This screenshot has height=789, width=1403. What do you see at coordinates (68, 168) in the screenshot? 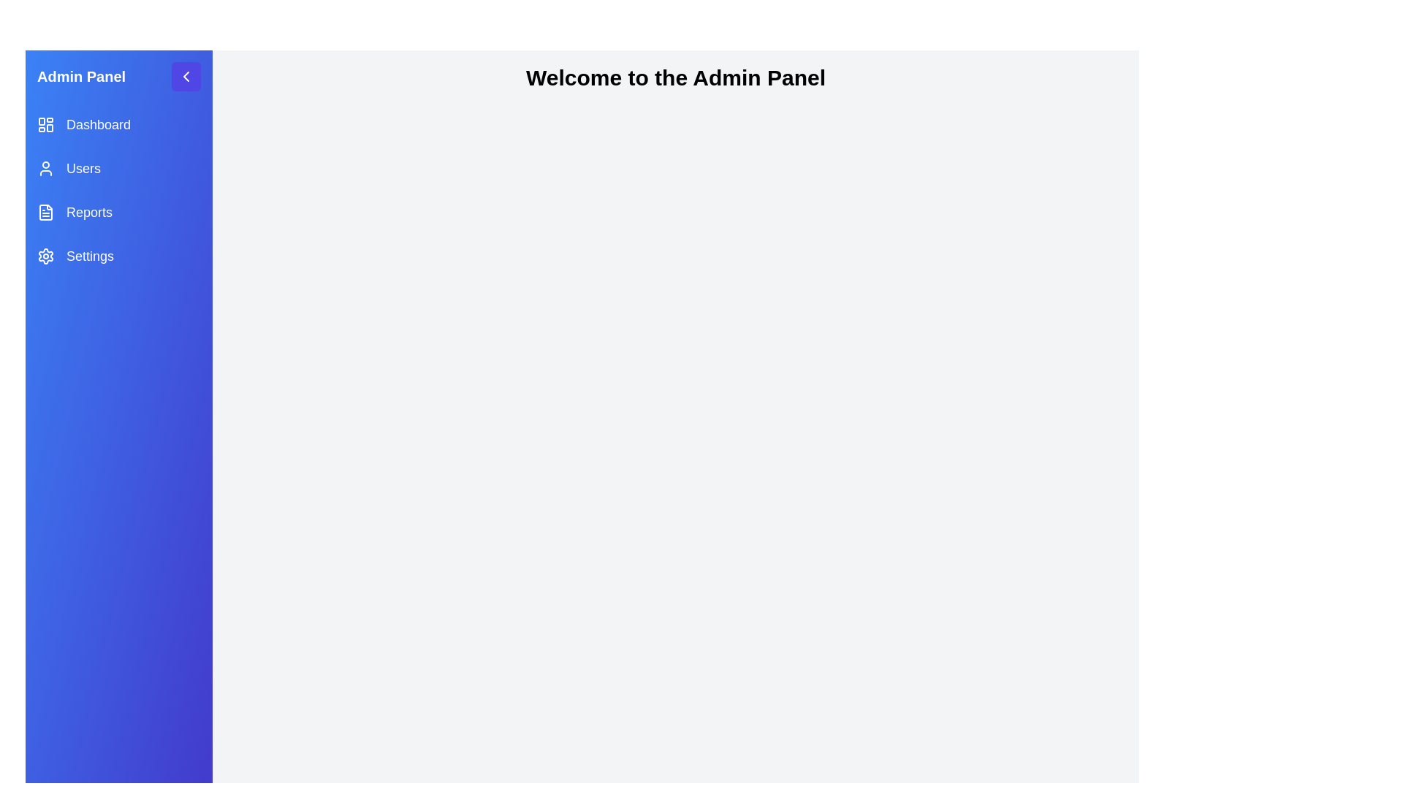
I see `the 'Users' navigation menu item in the vertical sidebar, which is the second item below 'Dashboard' and above 'Reports'` at bounding box center [68, 168].